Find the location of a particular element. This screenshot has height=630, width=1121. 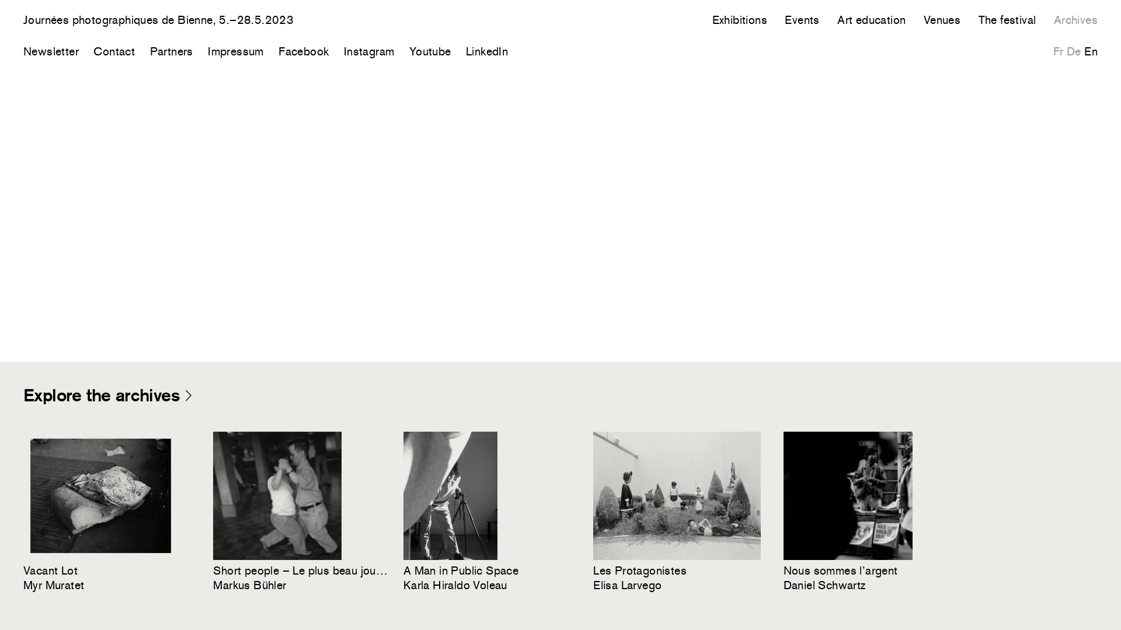

'A Man in Public Space is located at coordinates (490, 512).